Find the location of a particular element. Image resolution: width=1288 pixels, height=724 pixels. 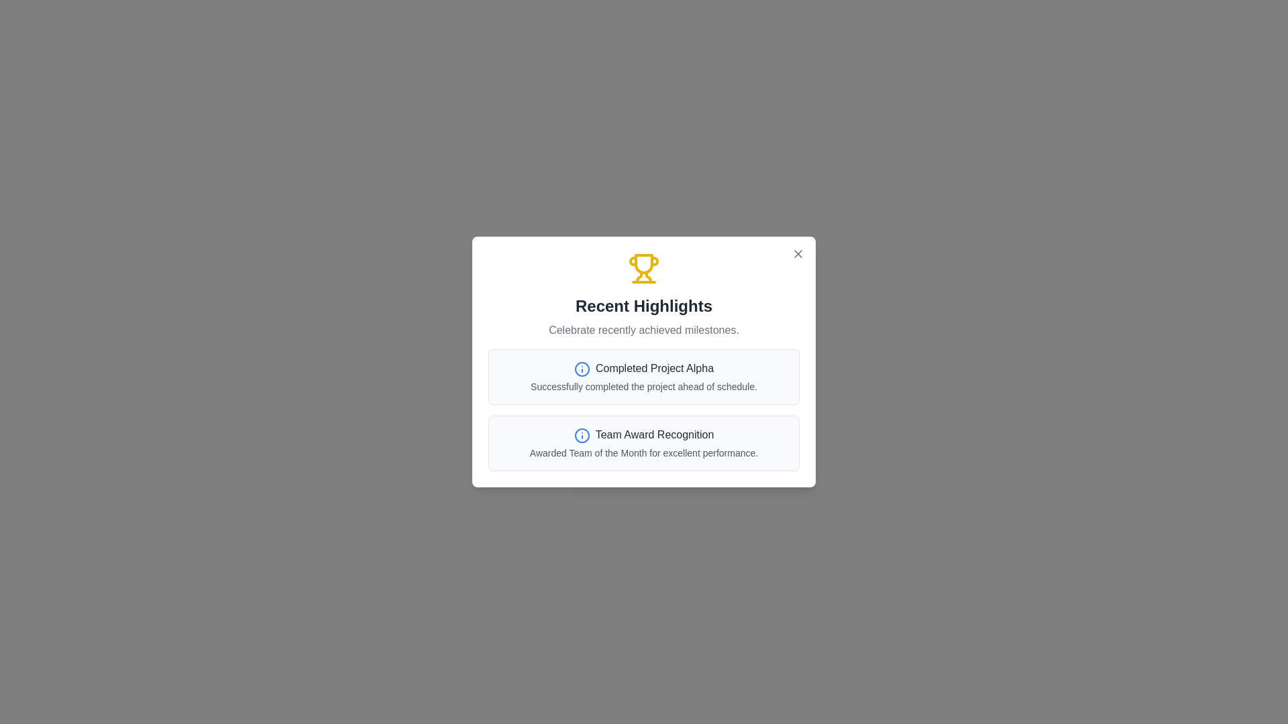

the circular icon with a blue outline and white fill, which has an exclamation mark design, located to the left of the text 'Team Award Recognition' is located at coordinates (582, 435).